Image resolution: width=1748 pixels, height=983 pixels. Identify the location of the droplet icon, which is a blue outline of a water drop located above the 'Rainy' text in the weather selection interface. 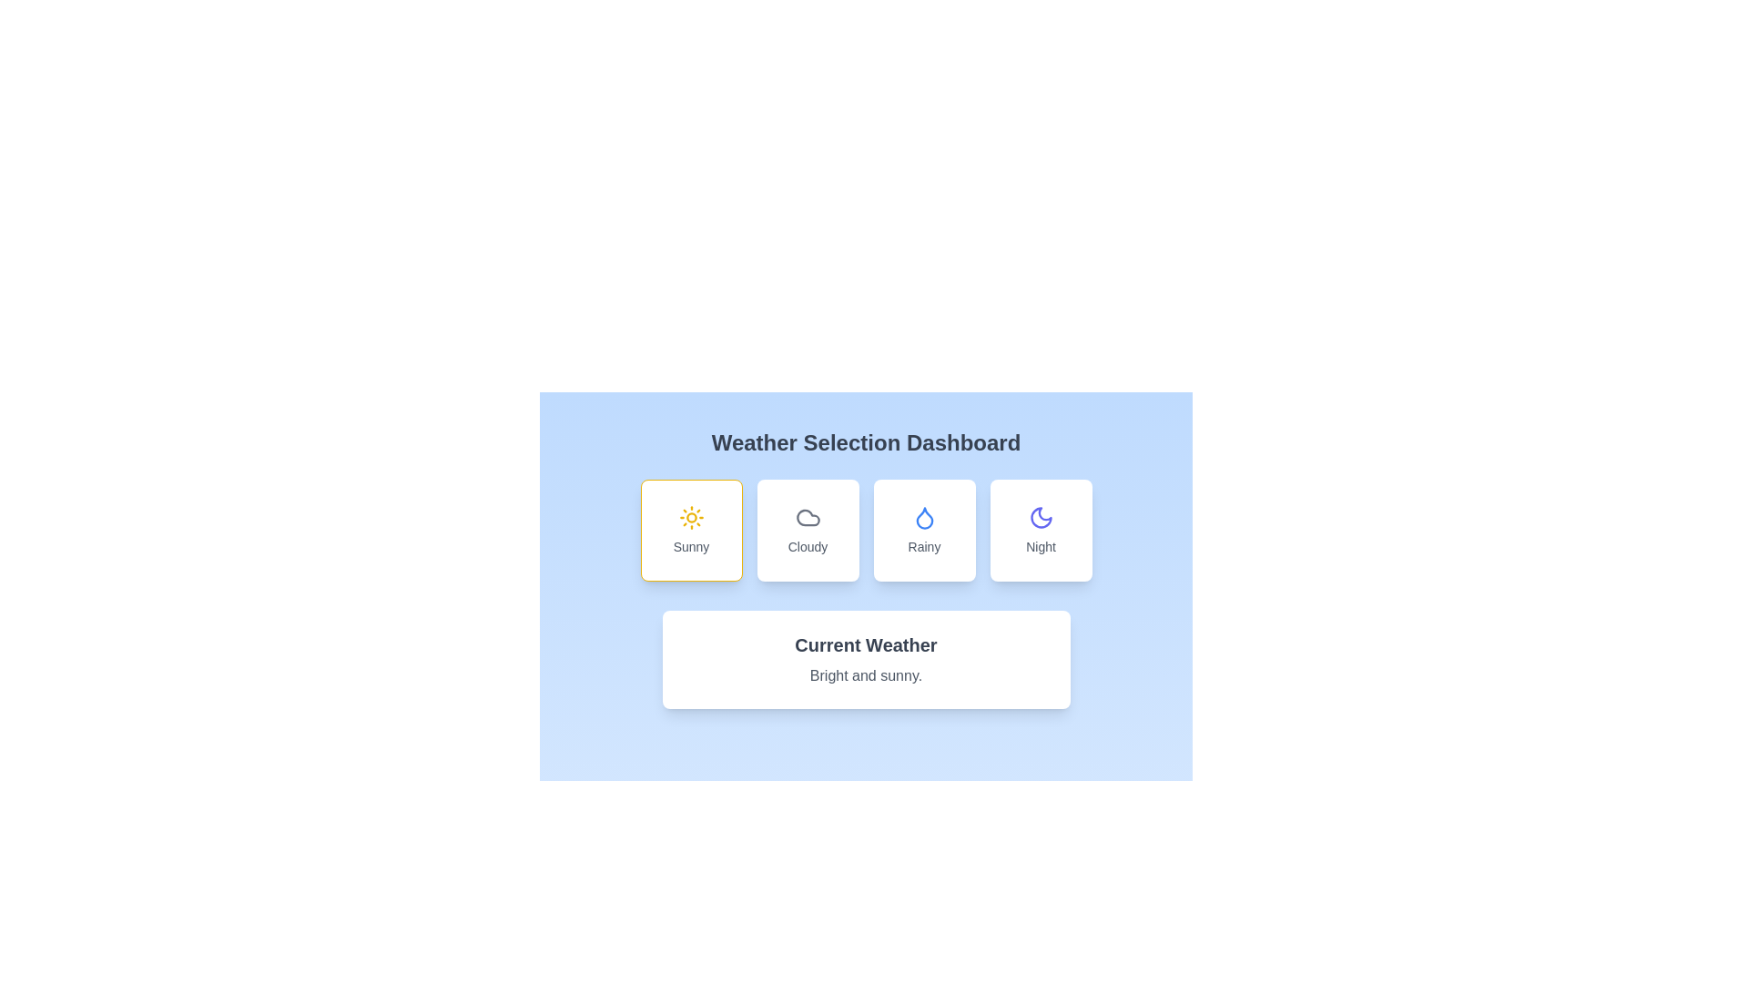
(924, 518).